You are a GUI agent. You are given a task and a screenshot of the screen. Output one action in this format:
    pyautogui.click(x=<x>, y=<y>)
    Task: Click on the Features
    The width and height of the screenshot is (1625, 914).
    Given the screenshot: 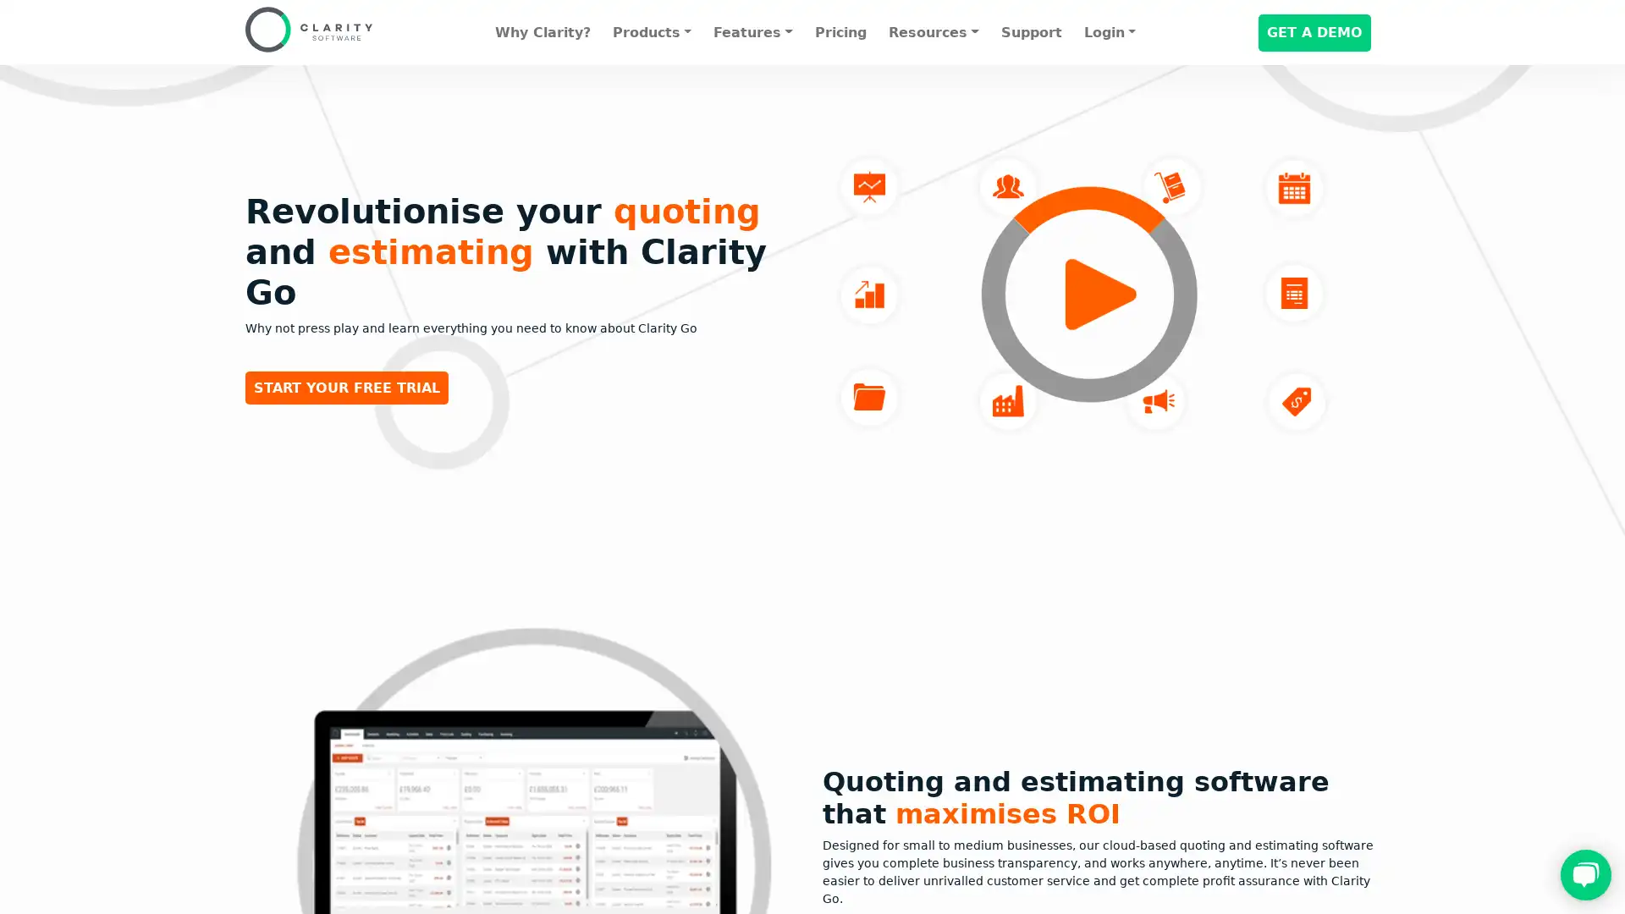 What is the action you would take?
    pyautogui.click(x=752, y=32)
    